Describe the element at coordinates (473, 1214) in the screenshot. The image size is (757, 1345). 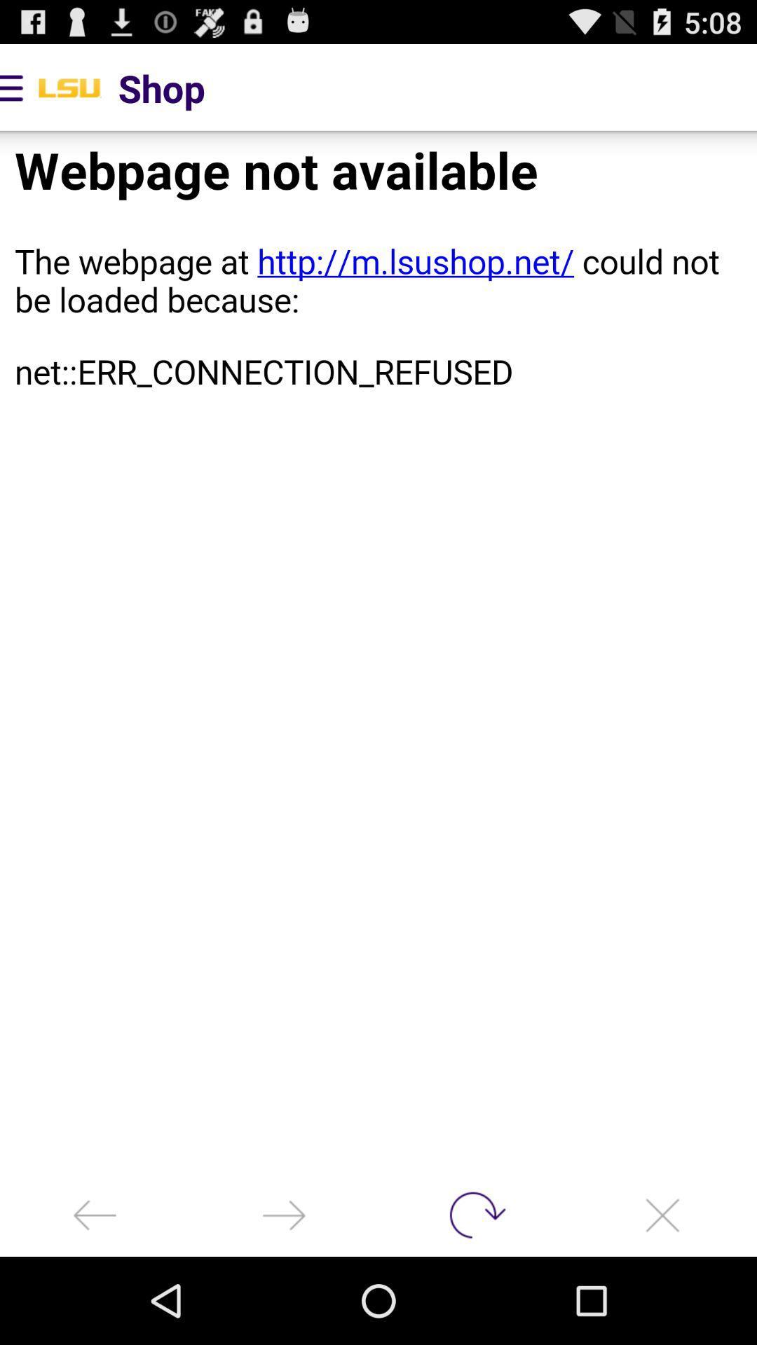
I see `refresh button` at that location.